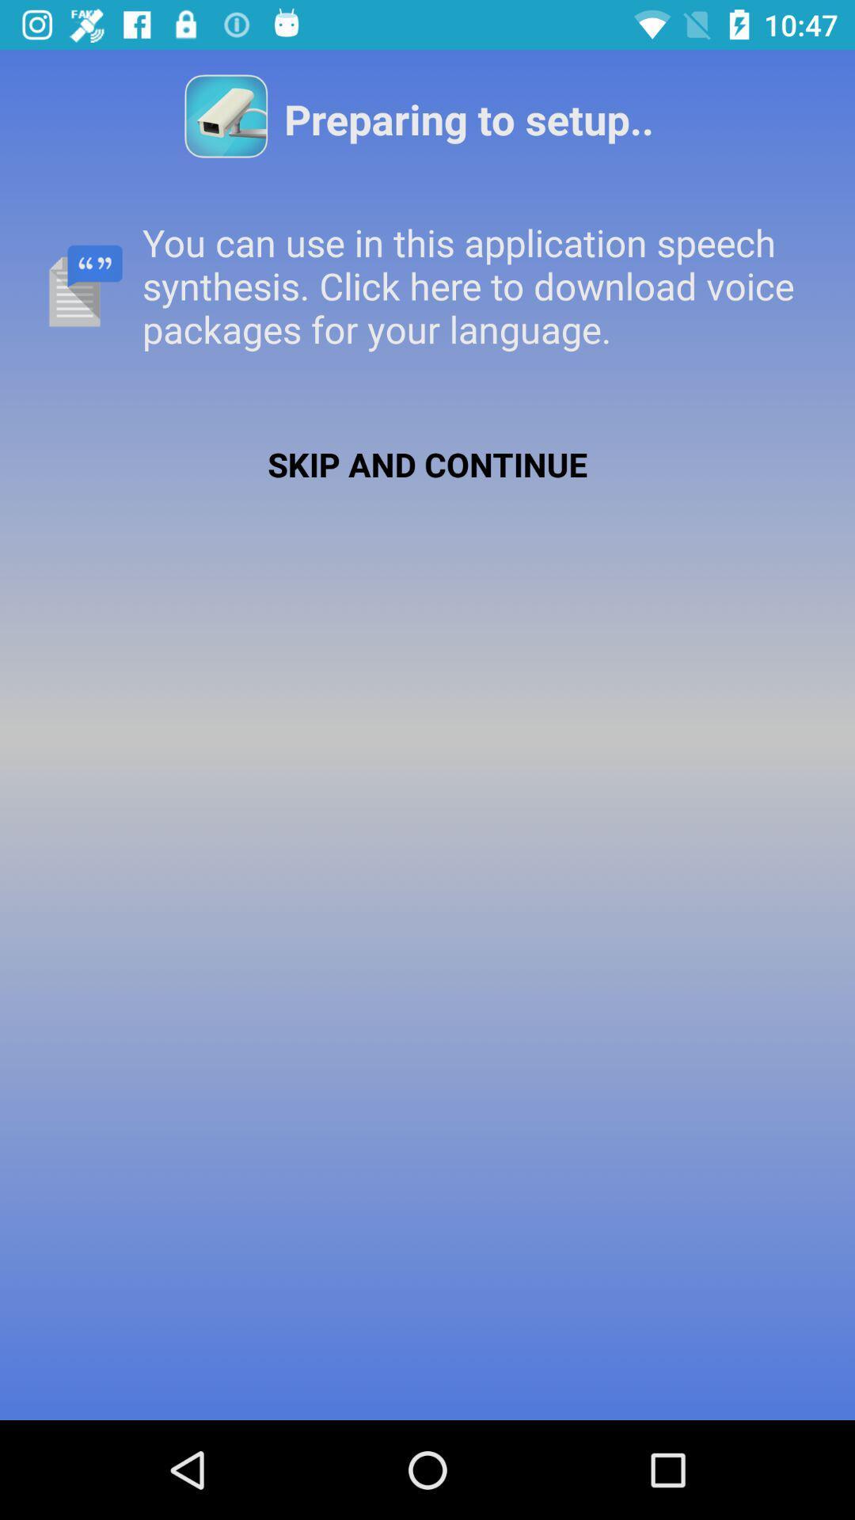 This screenshot has width=855, height=1520. I want to click on skip and continue, so click(427, 463).